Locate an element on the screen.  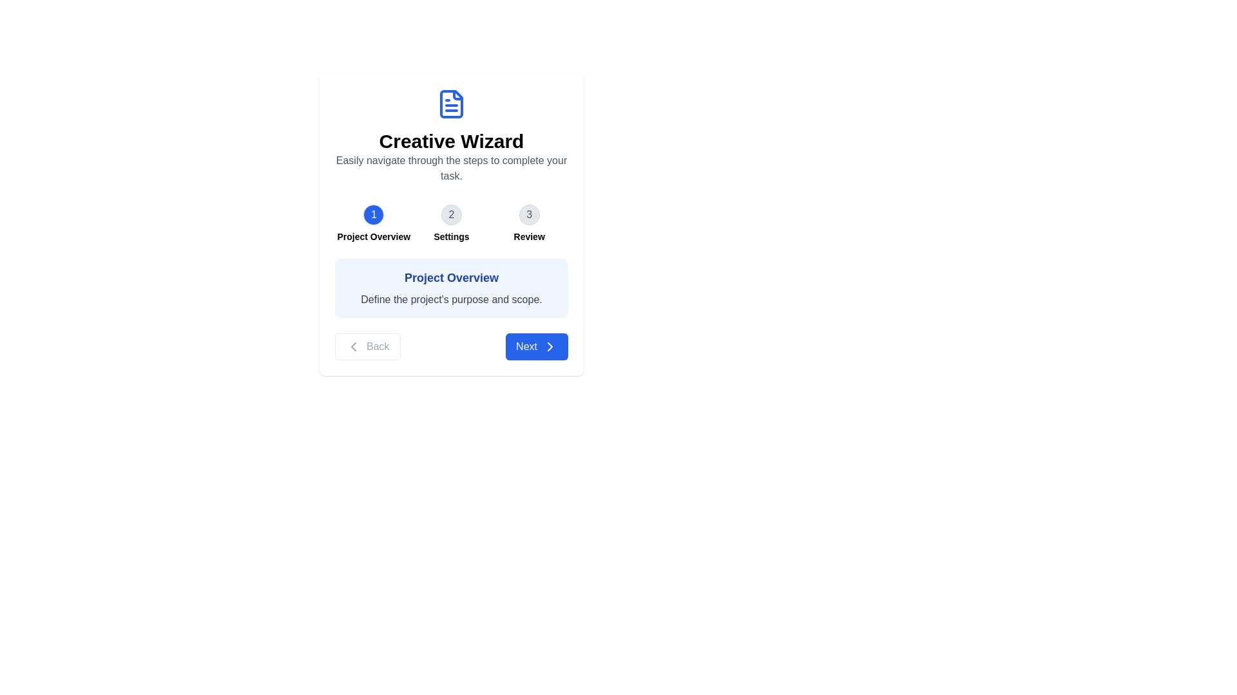
the Step indicator component, which represents the second step in the multi-step process is located at coordinates (451, 223).